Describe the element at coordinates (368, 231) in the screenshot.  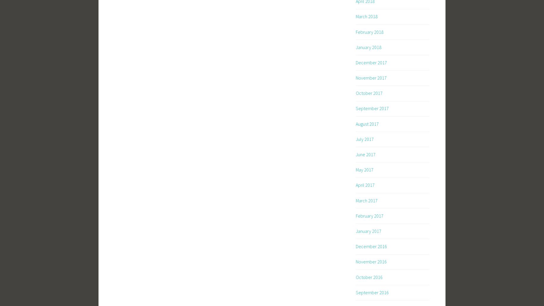
I see `'January 2017'` at that location.